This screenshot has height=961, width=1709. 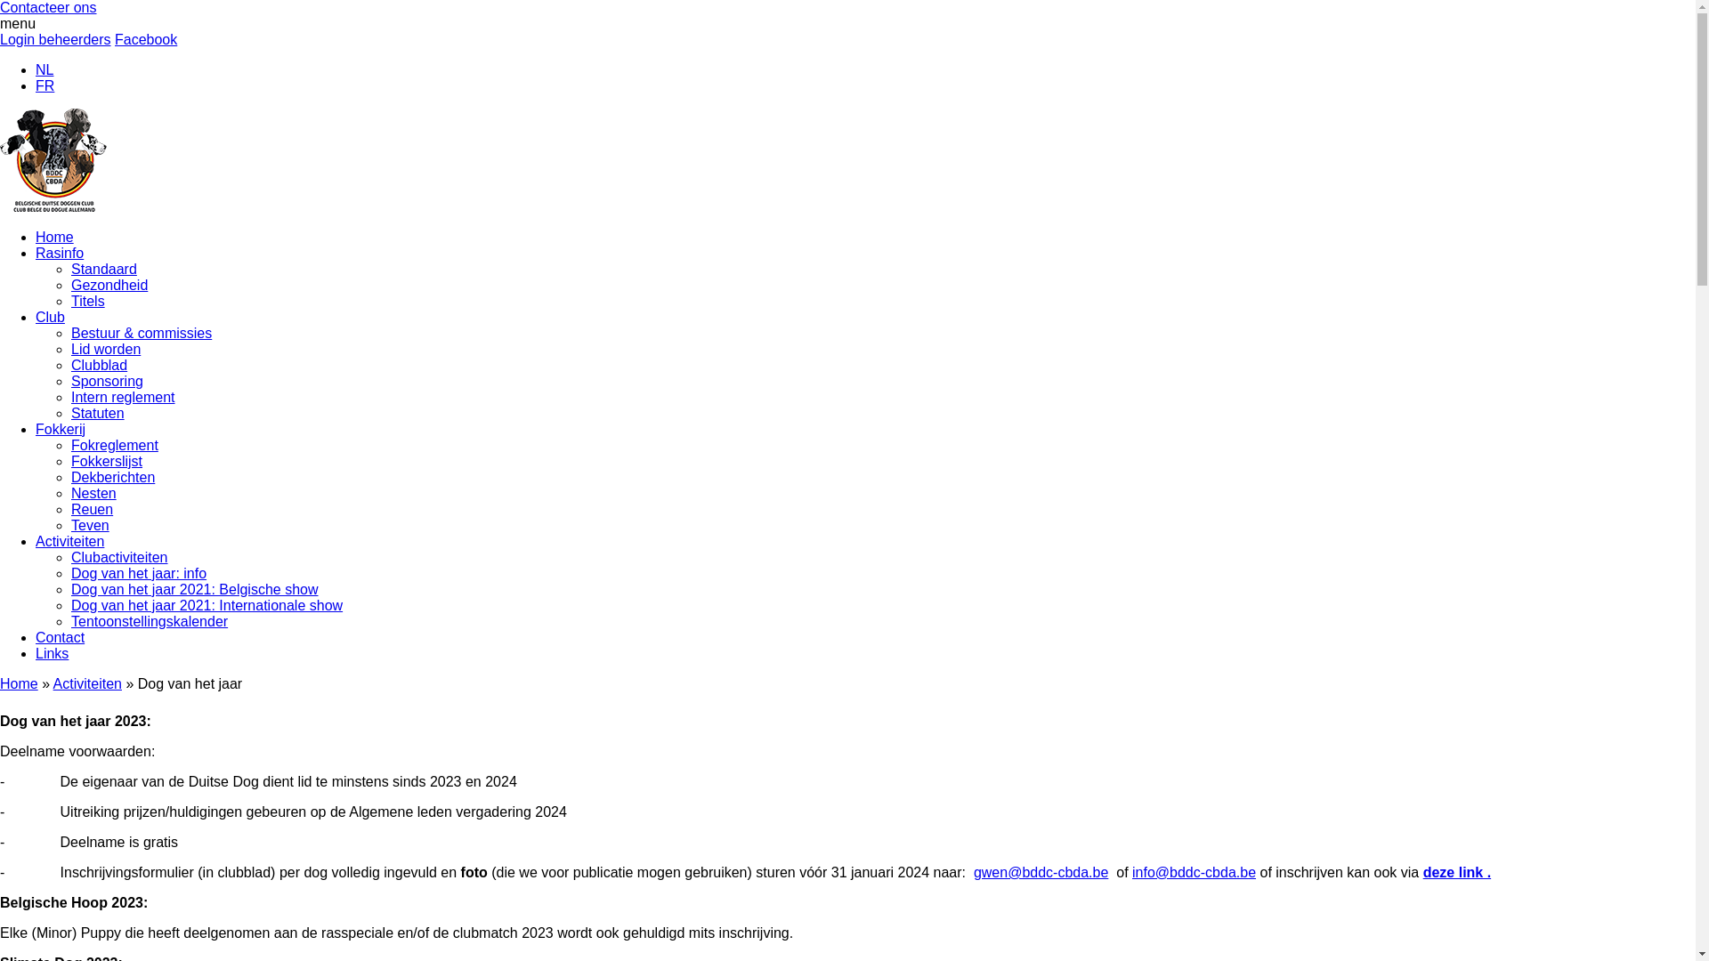 What do you see at coordinates (45, 85) in the screenshot?
I see `'FR'` at bounding box center [45, 85].